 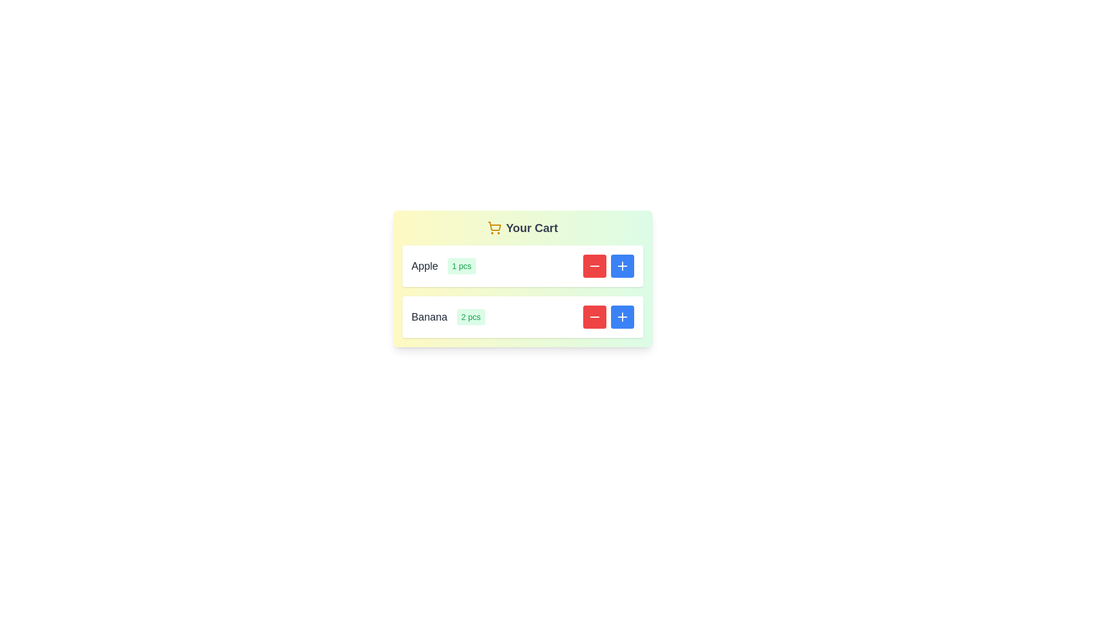 I want to click on the quantity adjustment button for Banana to decrease, so click(x=594, y=317).